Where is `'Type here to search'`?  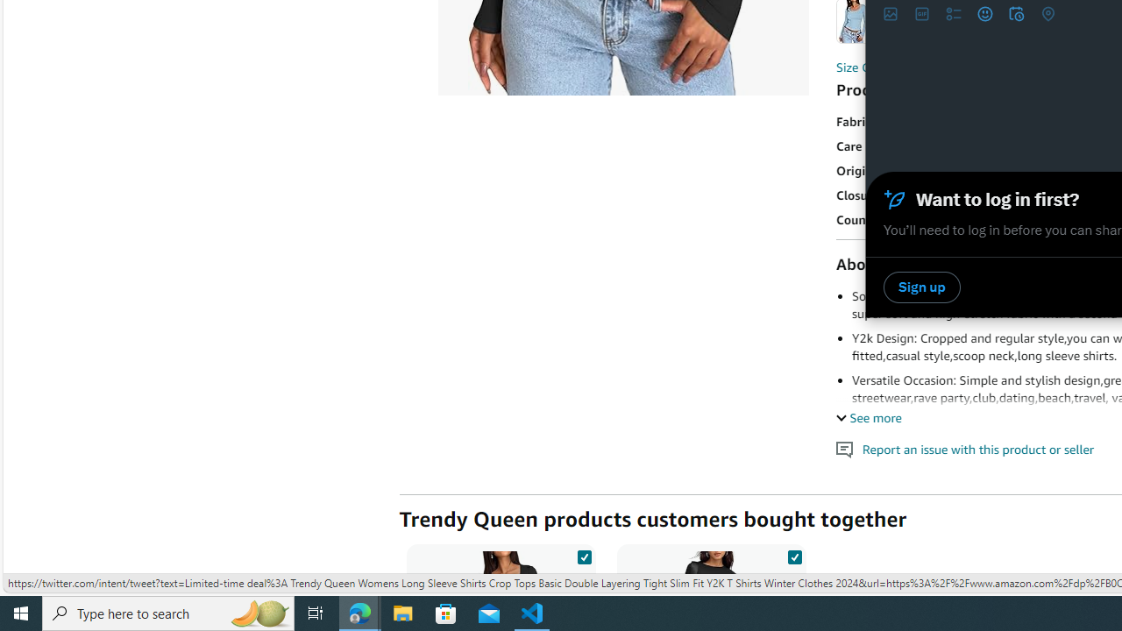
'Type here to search' is located at coordinates (168, 612).